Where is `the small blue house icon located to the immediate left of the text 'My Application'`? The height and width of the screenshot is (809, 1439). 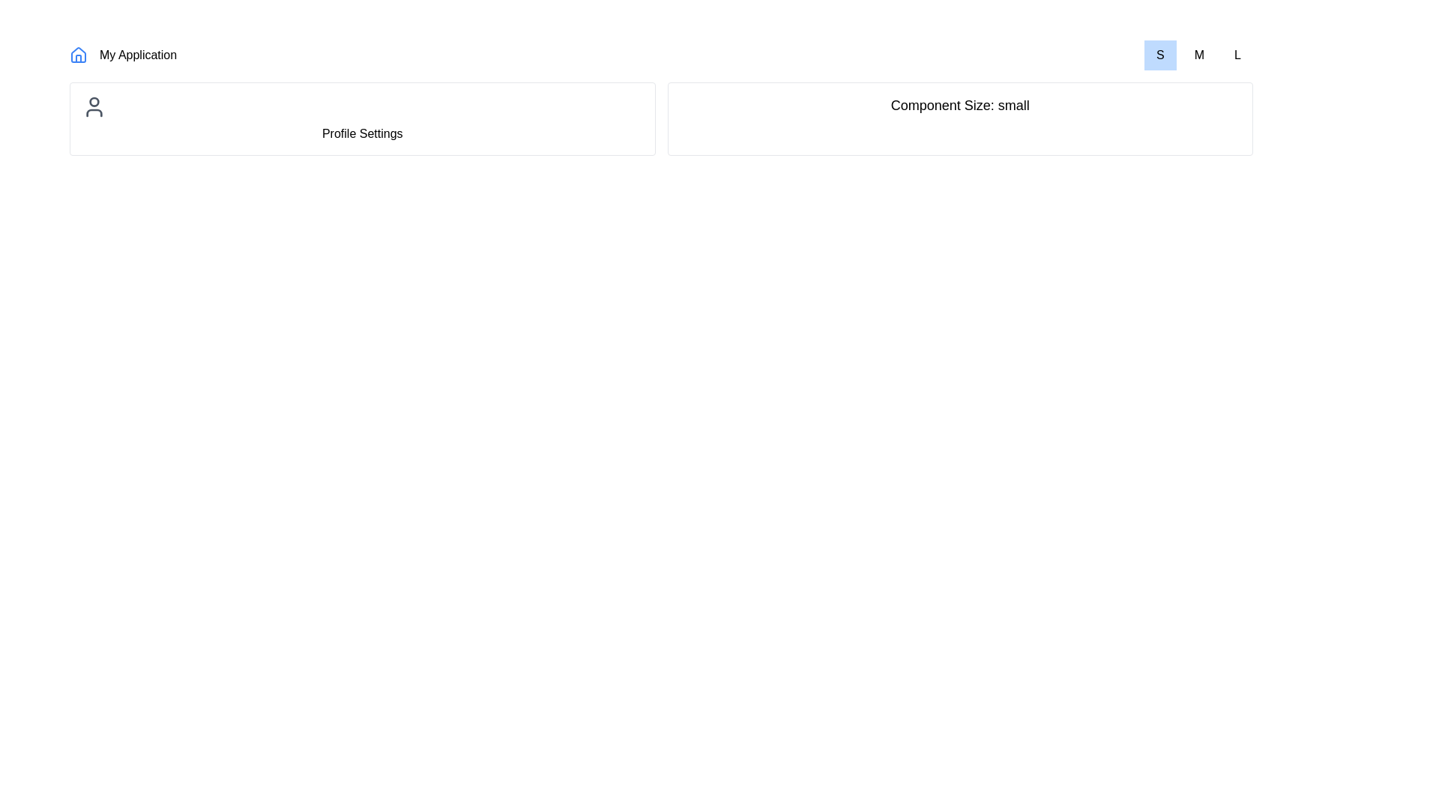
the small blue house icon located to the immediate left of the text 'My Application' is located at coordinates (78, 54).